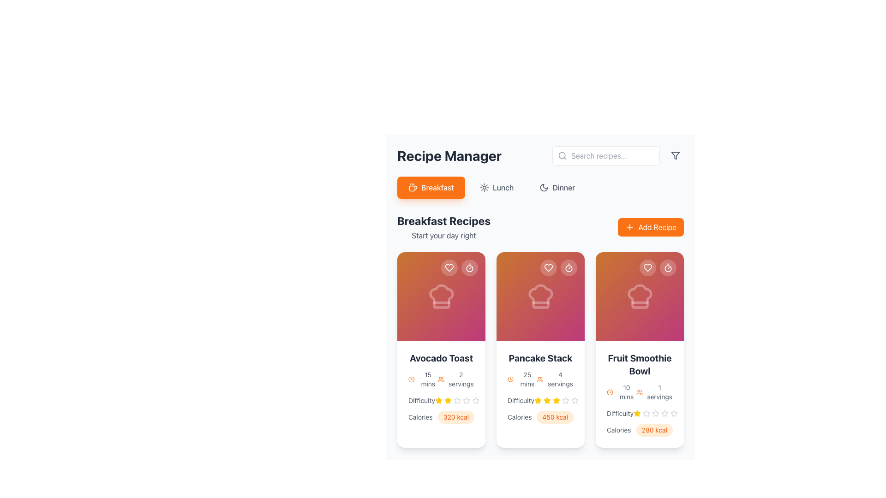 Image resolution: width=886 pixels, height=498 pixels. Describe the element at coordinates (441, 417) in the screenshot. I see `nutritional information displayed in the text label for the 'Avocado Toast' dish, located at the bottom section of its card, below the 'Difficulty' rating` at that location.